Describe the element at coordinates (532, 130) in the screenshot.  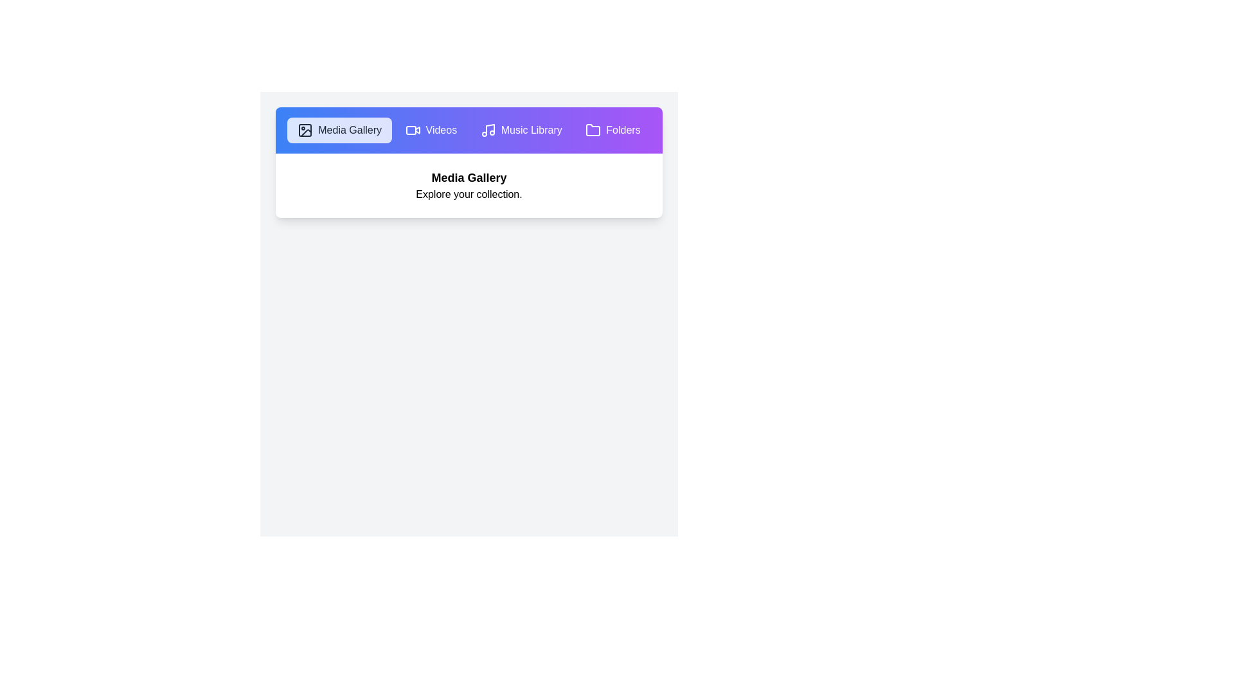
I see `text displayed in the 'Music Library' text label, which is styled in white color on a purple background and is part of the navigation bar` at that location.